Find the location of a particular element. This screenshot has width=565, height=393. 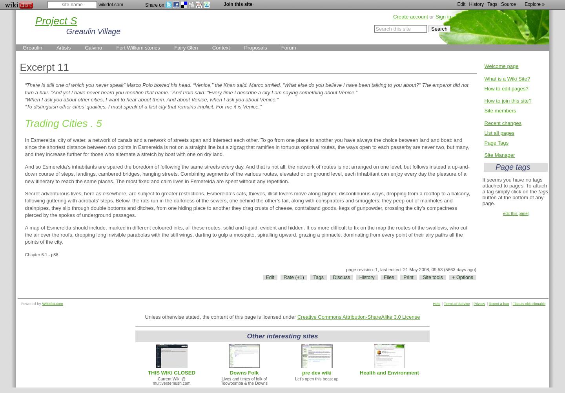

')' is located at coordinates (302, 277).